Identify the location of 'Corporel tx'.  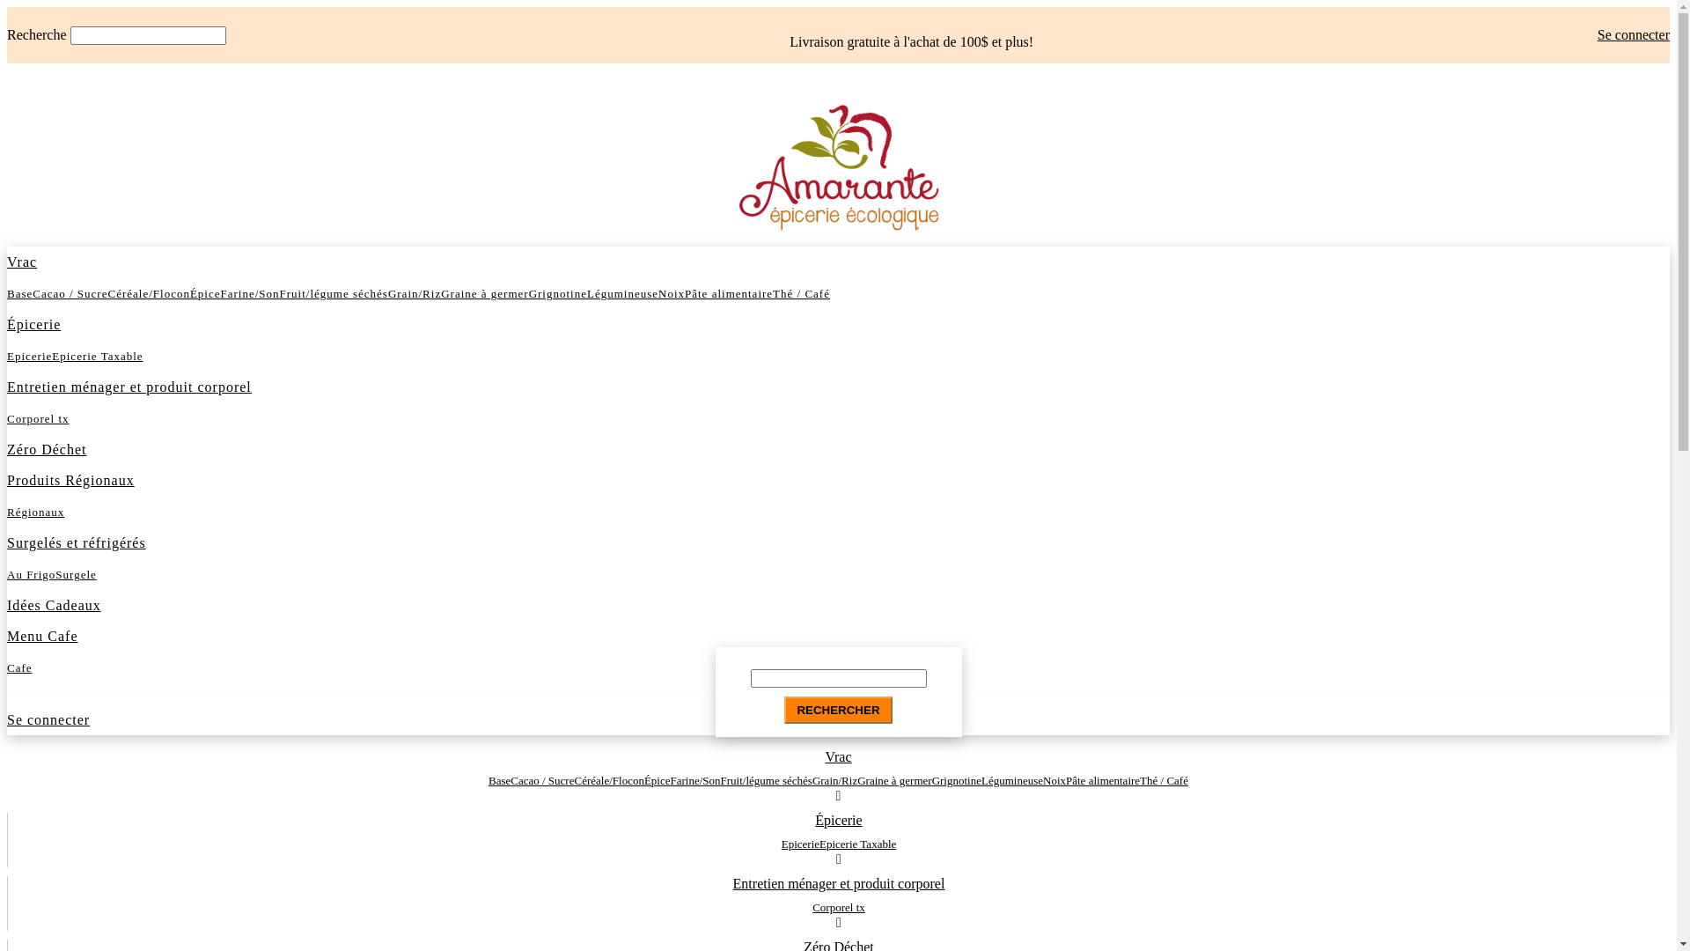
(838, 907).